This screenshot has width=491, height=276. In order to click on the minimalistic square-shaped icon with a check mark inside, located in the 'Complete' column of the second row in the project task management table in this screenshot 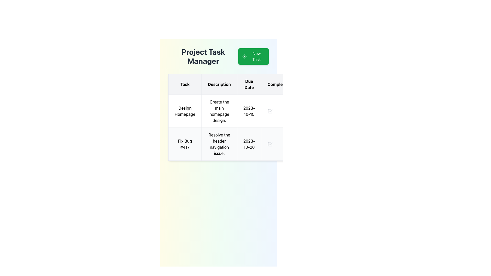, I will do `click(270, 144)`.